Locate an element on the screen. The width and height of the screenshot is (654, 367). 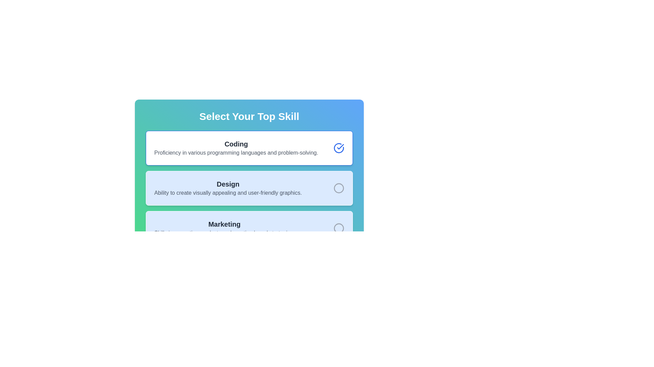
the selectable item labeled 'Design' is located at coordinates (228, 188).